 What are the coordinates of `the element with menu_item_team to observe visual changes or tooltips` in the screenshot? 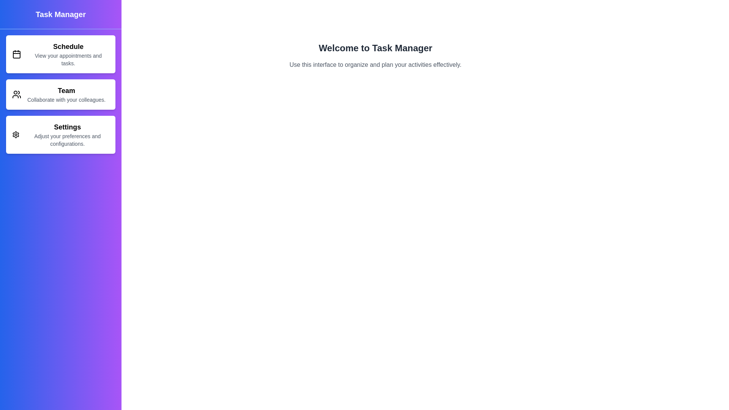 It's located at (60, 94).